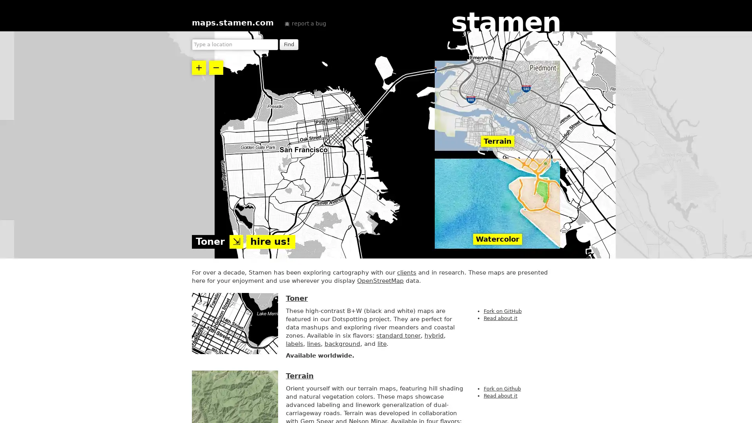 This screenshot has width=752, height=423. What do you see at coordinates (289, 45) in the screenshot?
I see `Find` at bounding box center [289, 45].